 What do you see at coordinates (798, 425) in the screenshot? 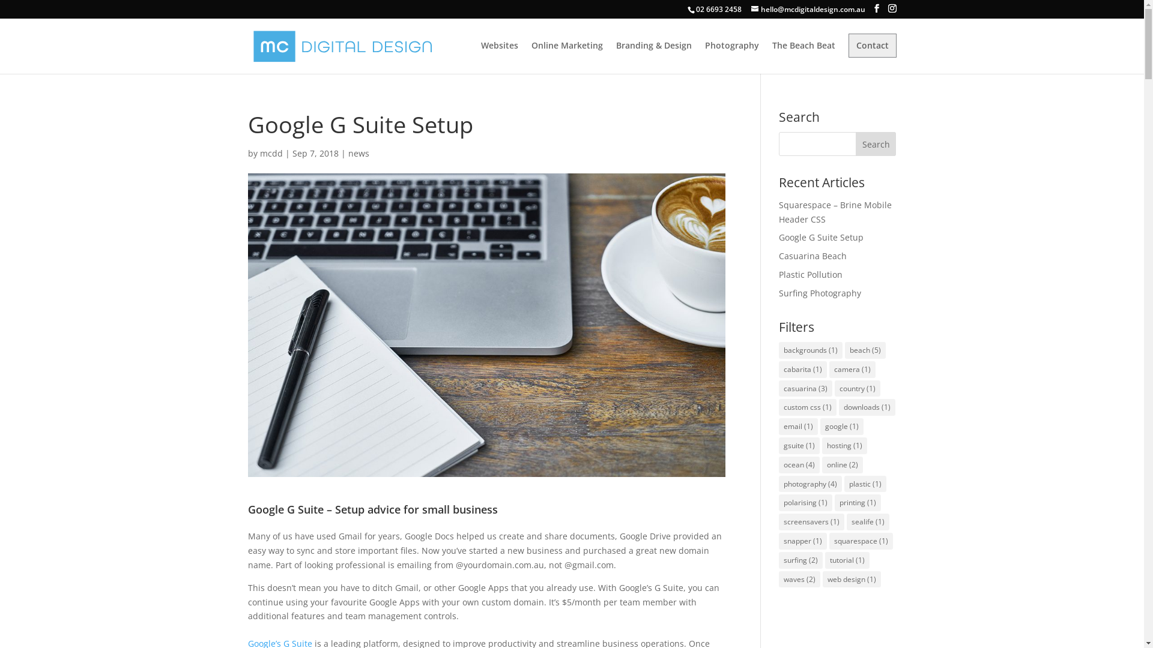
I see `'email (1)'` at bounding box center [798, 425].